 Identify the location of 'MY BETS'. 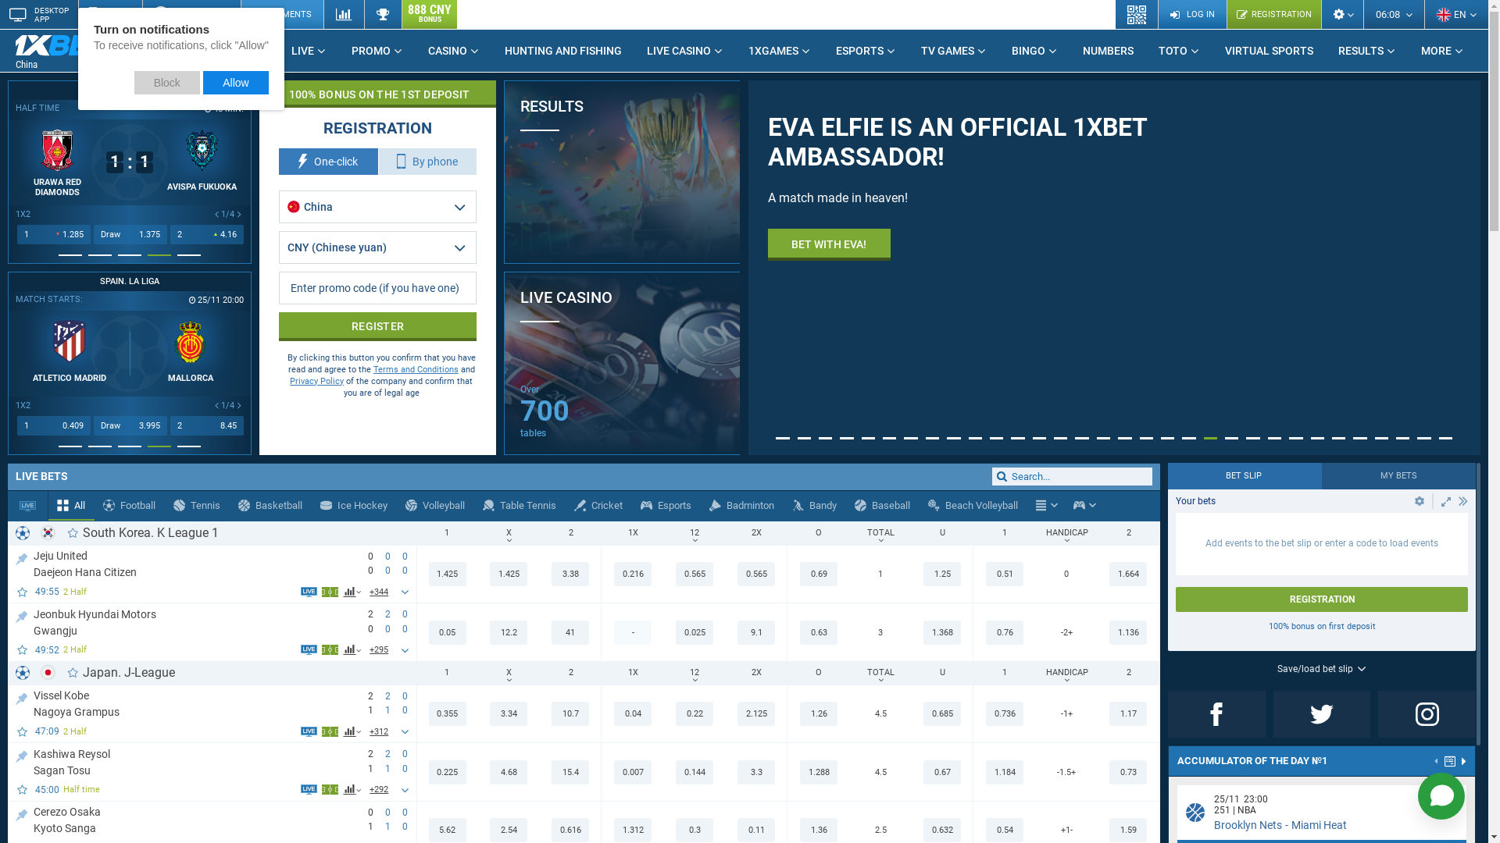
(1398, 475).